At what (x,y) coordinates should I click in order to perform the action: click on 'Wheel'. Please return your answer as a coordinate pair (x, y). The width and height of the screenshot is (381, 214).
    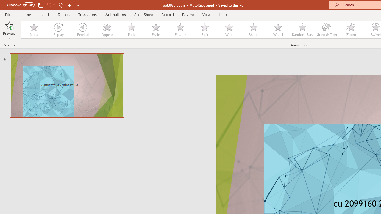
    Looking at the image, I should click on (278, 30).